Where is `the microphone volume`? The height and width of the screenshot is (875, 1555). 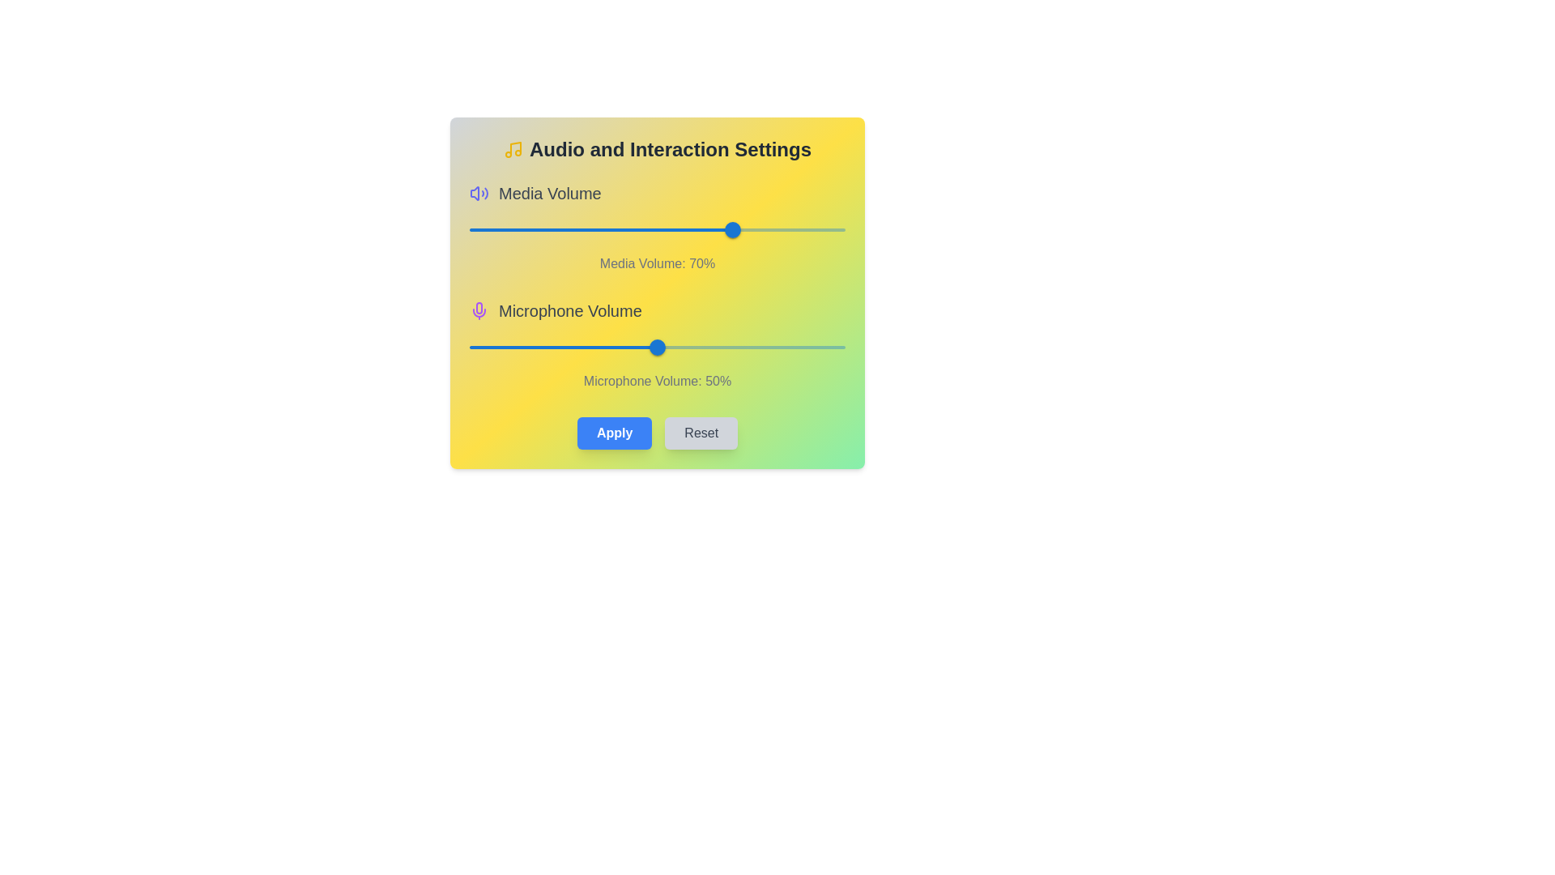 the microphone volume is located at coordinates (476, 346).